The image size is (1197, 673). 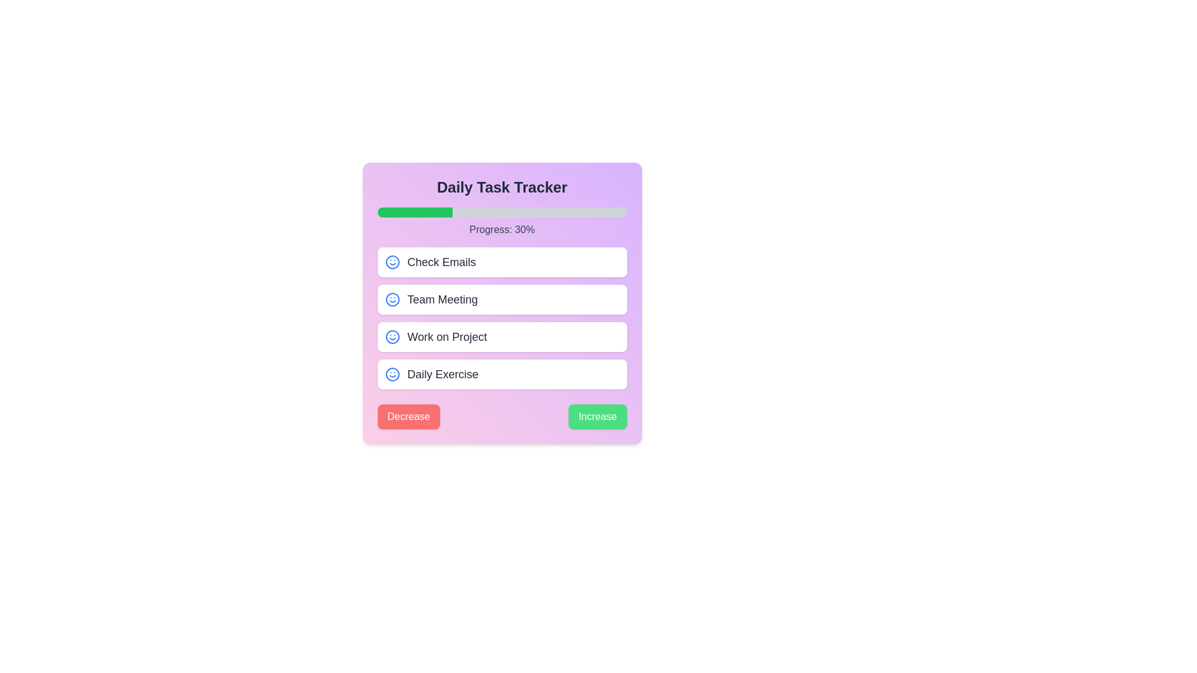 What do you see at coordinates (392, 374) in the screenshot?
I see `the decorative circle that enhances the 'Check Emails' task item, indicating a cheerful context` at bounding box center [392, 374].